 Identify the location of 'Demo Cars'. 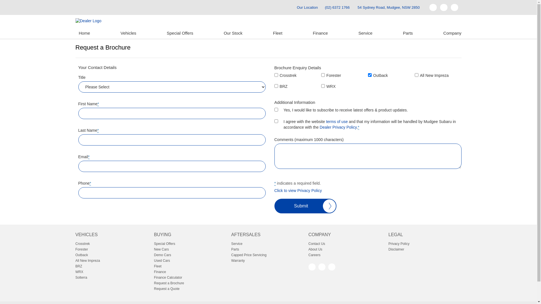
(191, 255).